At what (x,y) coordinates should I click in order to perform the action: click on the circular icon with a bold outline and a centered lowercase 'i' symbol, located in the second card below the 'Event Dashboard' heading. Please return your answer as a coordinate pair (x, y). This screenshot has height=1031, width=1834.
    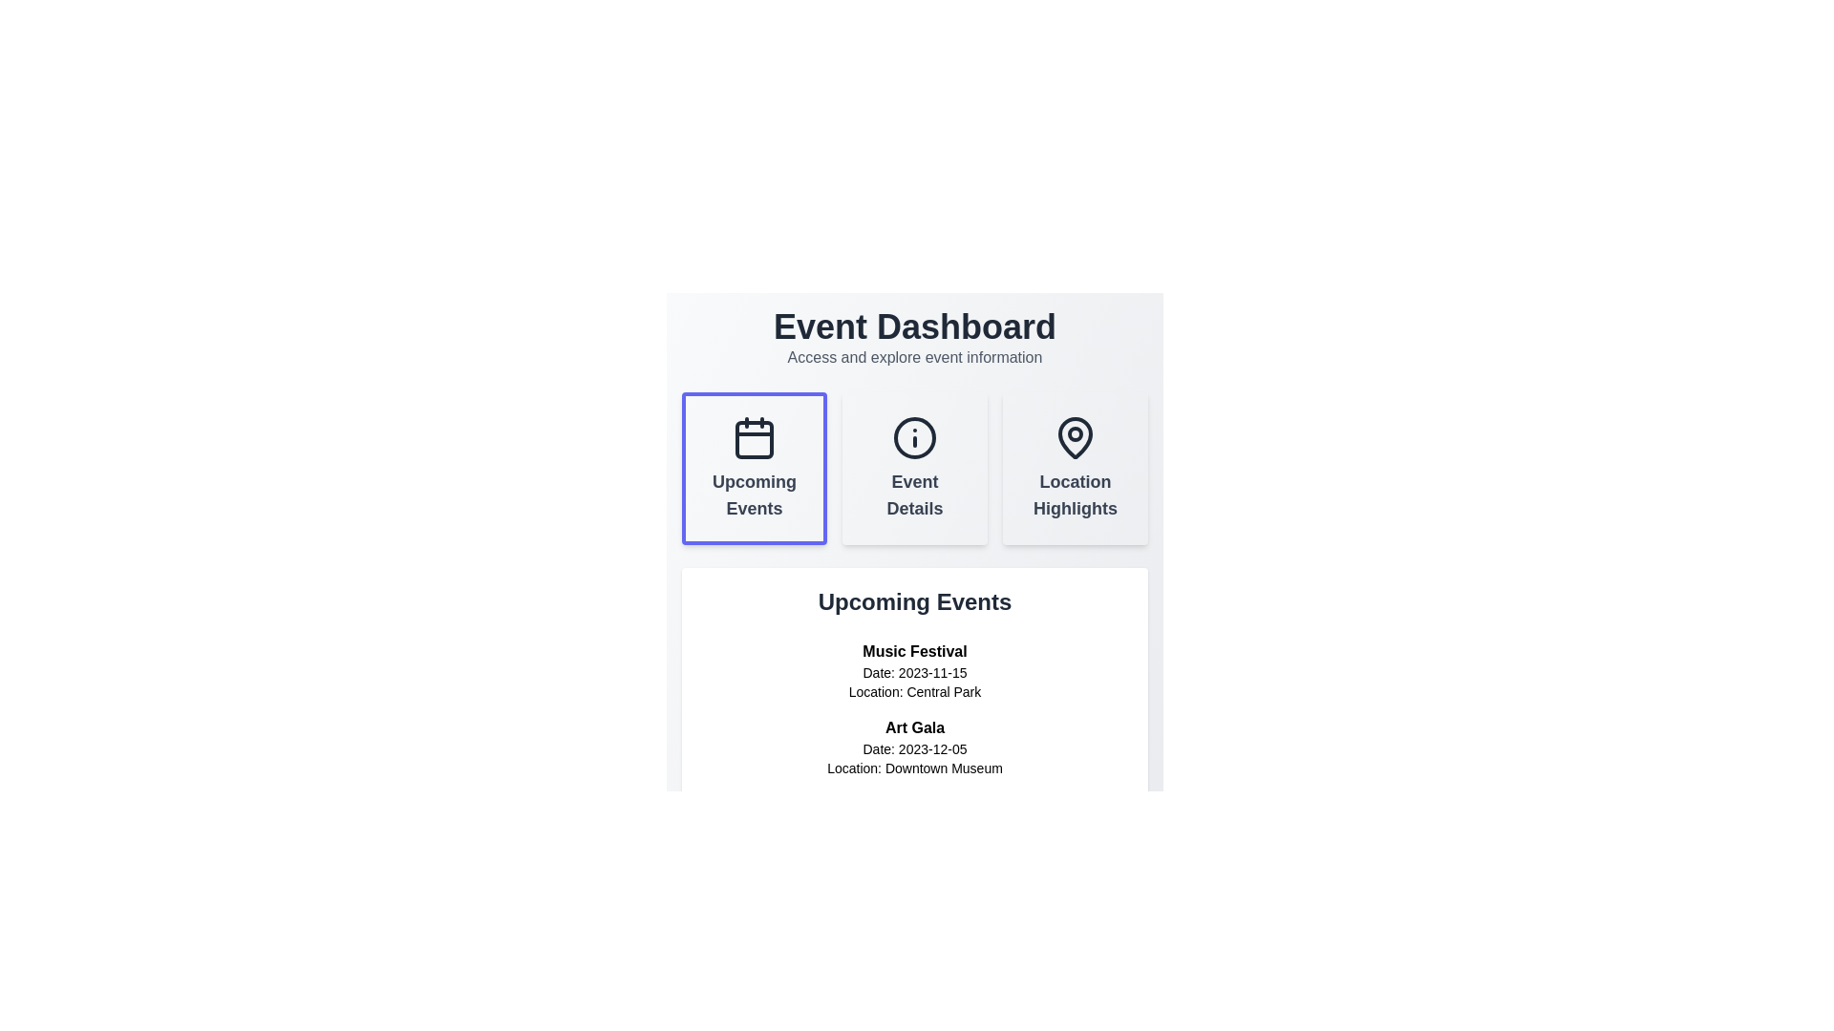
    Looking at the image, I should click on (914, 438).